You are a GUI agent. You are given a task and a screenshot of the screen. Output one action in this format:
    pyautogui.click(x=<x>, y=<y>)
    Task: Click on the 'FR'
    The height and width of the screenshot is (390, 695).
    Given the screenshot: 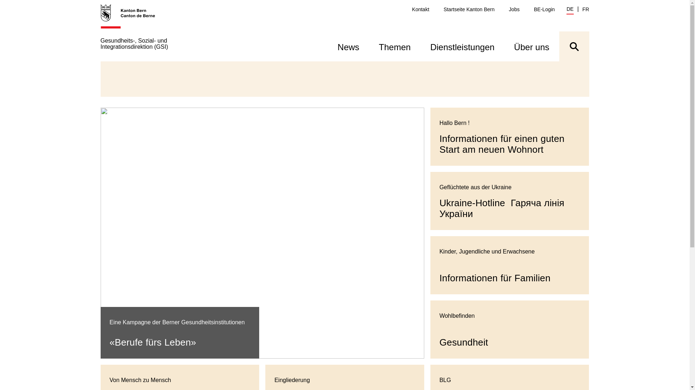 What is the action you would take?
    pyautogui.click(x=586, y=9)
    